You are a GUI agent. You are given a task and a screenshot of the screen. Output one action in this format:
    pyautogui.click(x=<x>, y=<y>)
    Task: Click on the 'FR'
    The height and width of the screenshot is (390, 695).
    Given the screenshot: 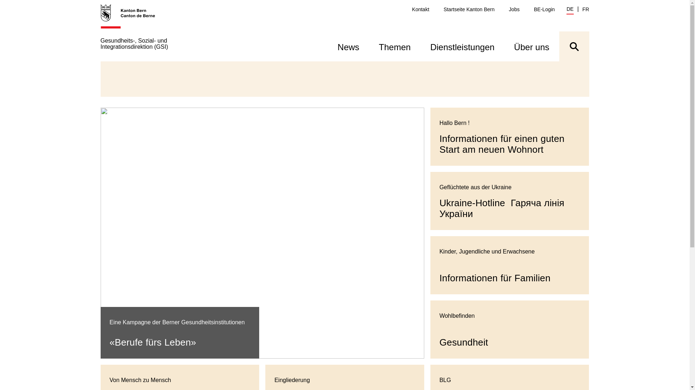 What is the action you would take?
    pyautogui.click(x=586, y=9)
    